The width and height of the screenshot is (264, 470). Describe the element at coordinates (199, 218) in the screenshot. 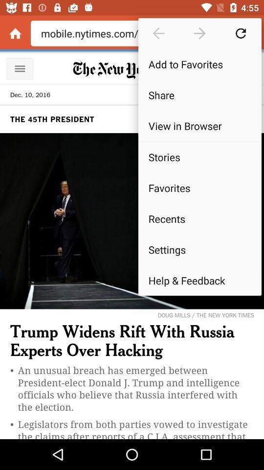

I see `the item below the favorites icon` at that location.